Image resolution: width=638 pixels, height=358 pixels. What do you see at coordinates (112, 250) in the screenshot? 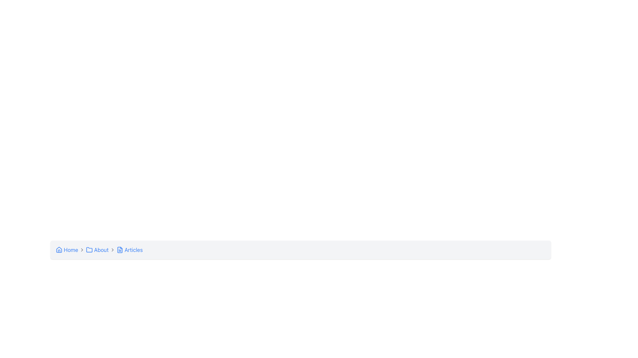
I see `the right-facing gray chevron icon located between the 'About' and 'Articles' text links in the breadcrumb navigation` at bounding box center [112, 250].